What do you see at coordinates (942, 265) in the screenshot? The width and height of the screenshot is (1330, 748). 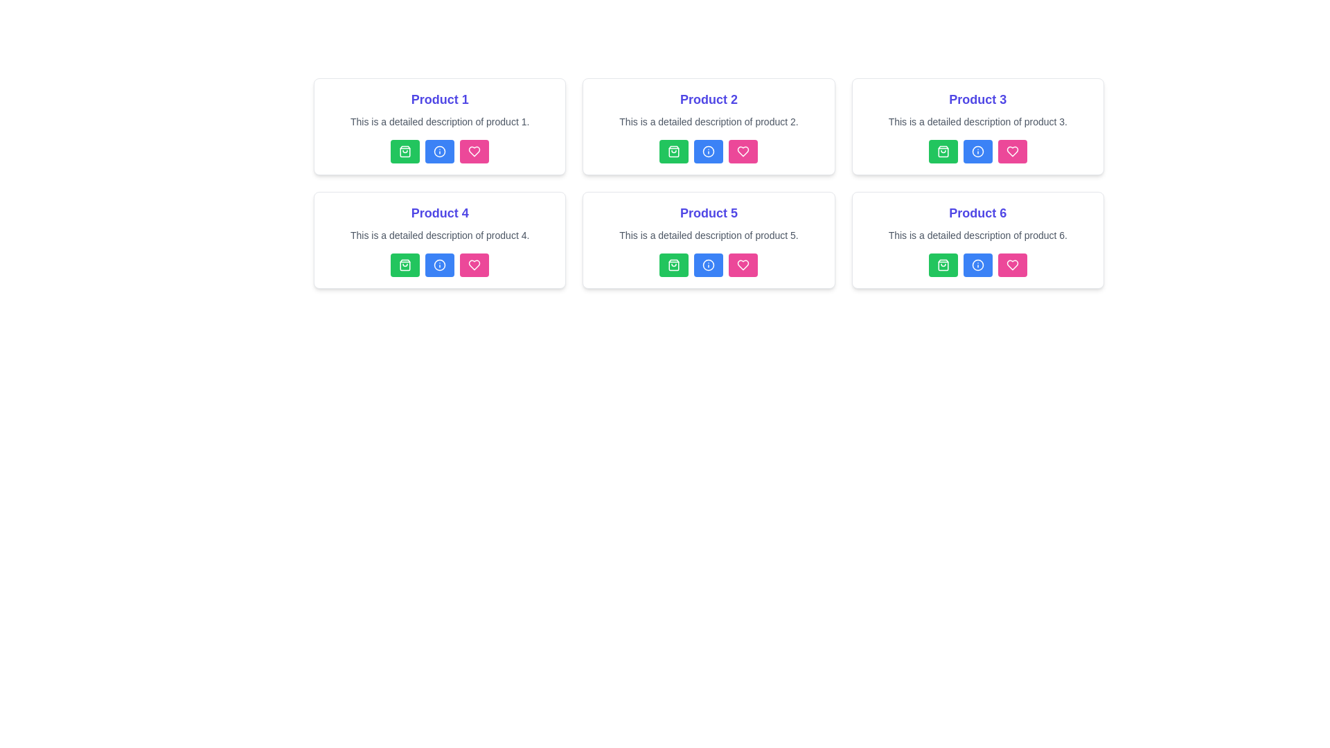 I see `the green rectangular button with a white shopping bag icon located in the bottom-right card under 'Product 6'` at bounding box center [942, 265].